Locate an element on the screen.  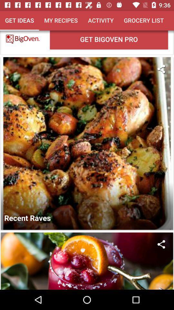
the get bigoven pro item is located at coordinates (109, 39).